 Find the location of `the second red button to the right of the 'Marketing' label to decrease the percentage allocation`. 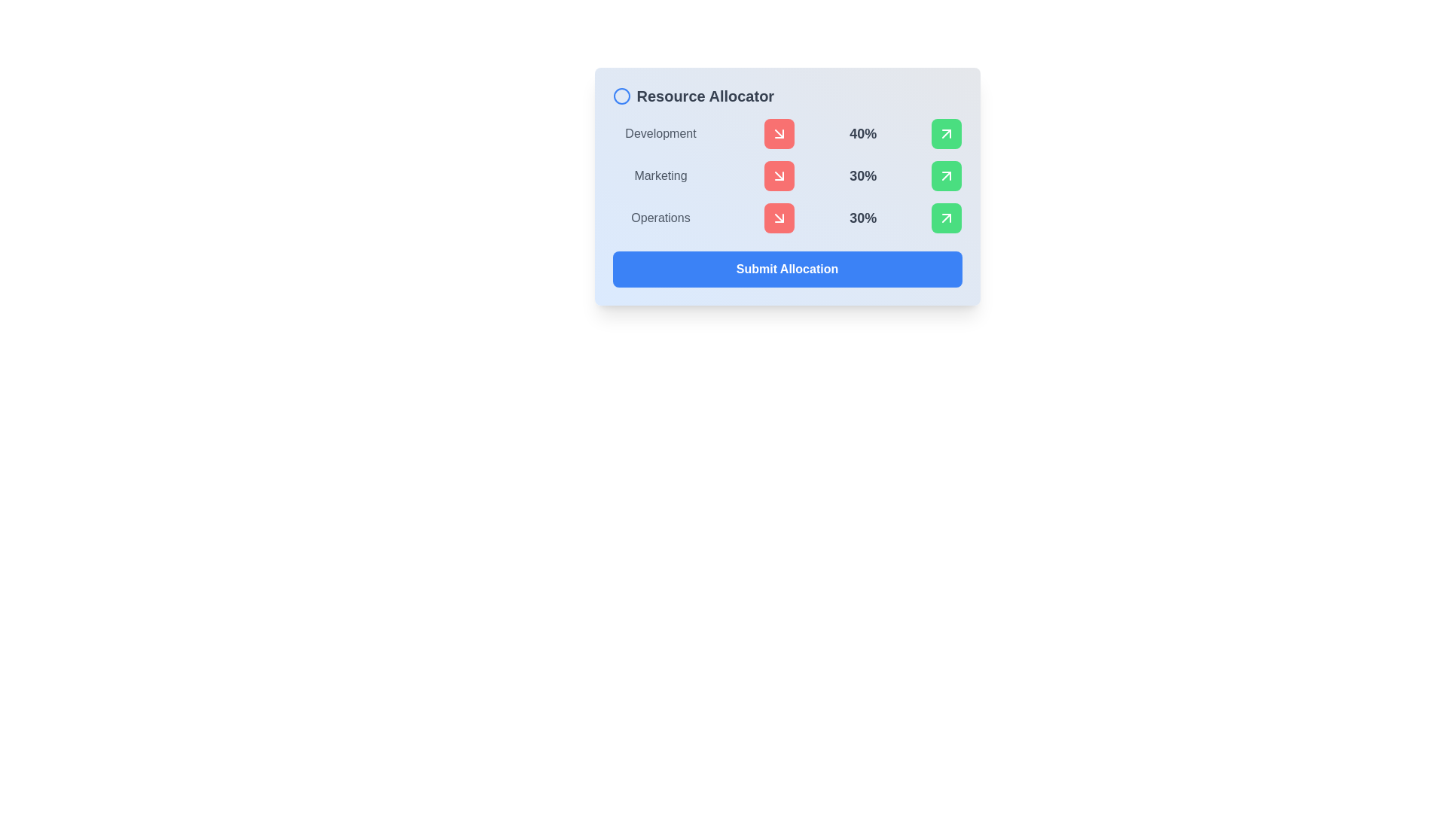

the second red button to the right of the 'Marketing' label to decrease the percentage allocation is located at coordinates (778, 175).